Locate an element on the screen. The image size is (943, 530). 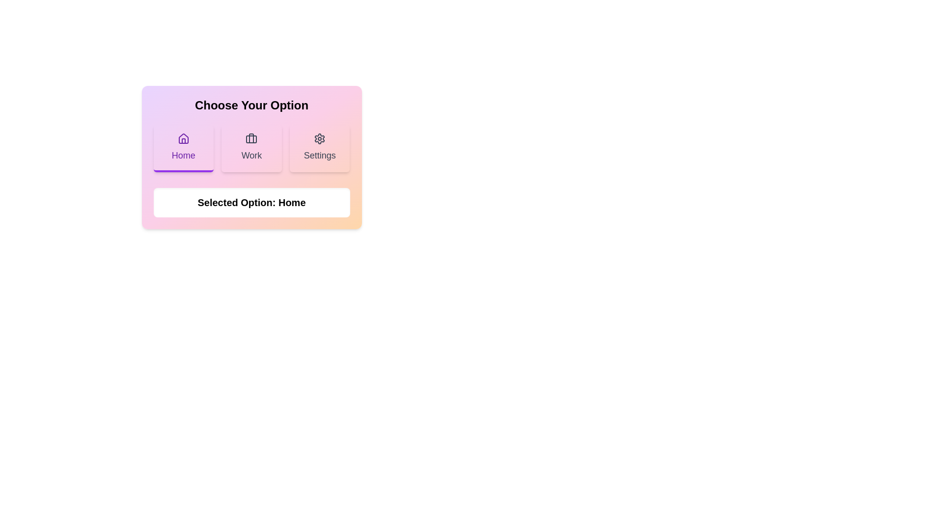
the second button in the grid layout is located at coordinates (251, 149).